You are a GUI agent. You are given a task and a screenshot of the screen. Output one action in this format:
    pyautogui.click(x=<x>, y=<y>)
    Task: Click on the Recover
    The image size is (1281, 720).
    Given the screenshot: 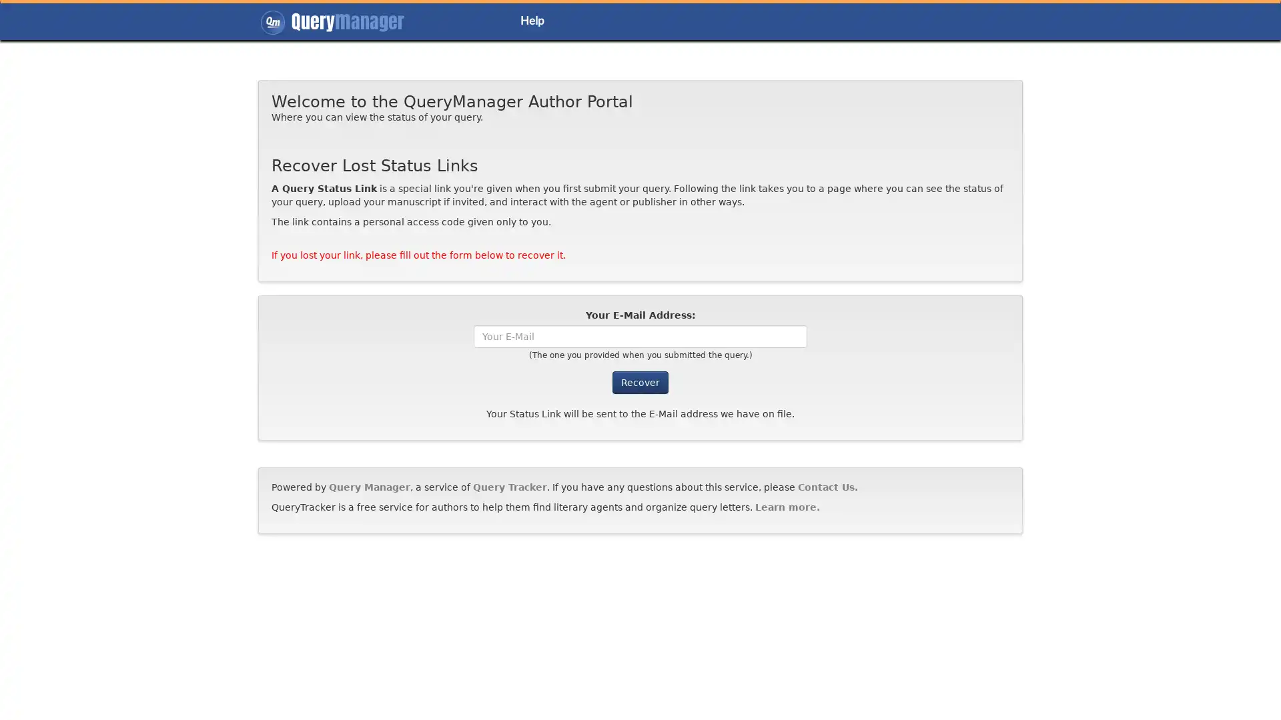 What is the action you would take?
    pyautogui.click(x=640, y=382)
    